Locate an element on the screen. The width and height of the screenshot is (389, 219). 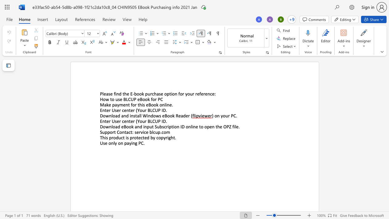
the space between the continuous character "n" and "e" in the text is located at coordinates (169, 104).